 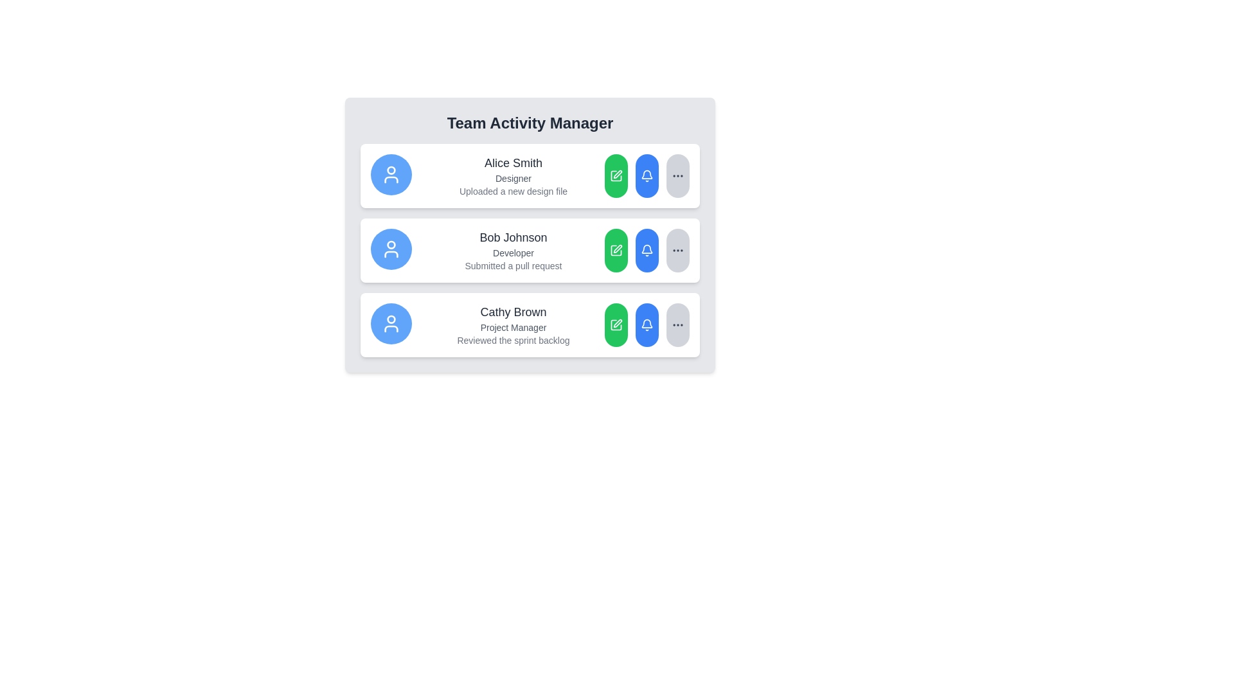 What do you see at coordinates (647, 250) in the screenshot?
I see `the blue bell button in the interactive button group associated with 'Bob Johnson' to manage notifications` at bounding box center [647, 250].